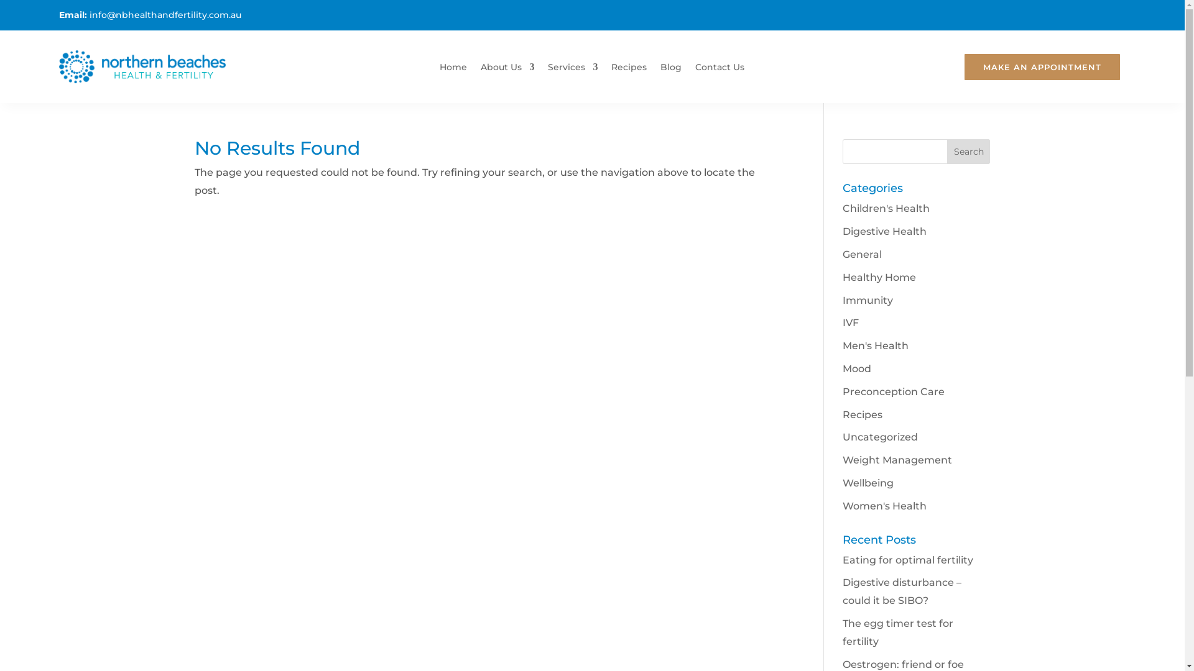 This screenshot has height=671, width=1194. Describe the element at coordinates (842, 300) in the screenshot. I see `'Immunity'` at that location.